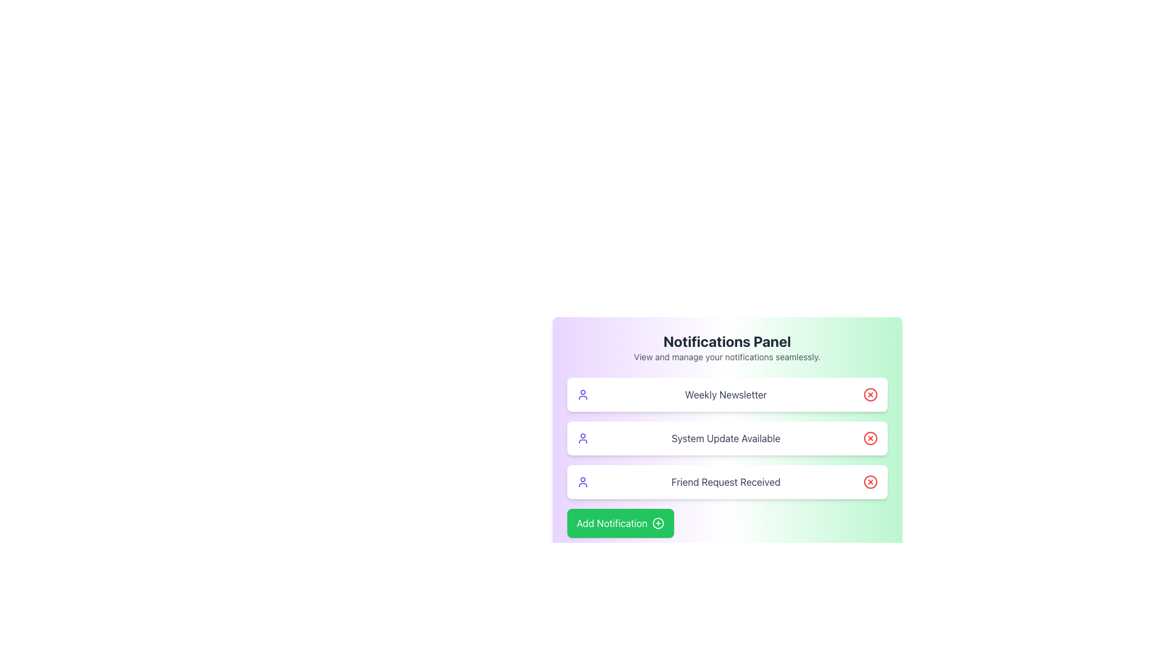 The width and height of the screenshot is (1165, 655). I want to click on the user icon representing a friend request received, which is styled with a circular head and rounded body, located at the far left of the notification item panel, so click(582, 481).